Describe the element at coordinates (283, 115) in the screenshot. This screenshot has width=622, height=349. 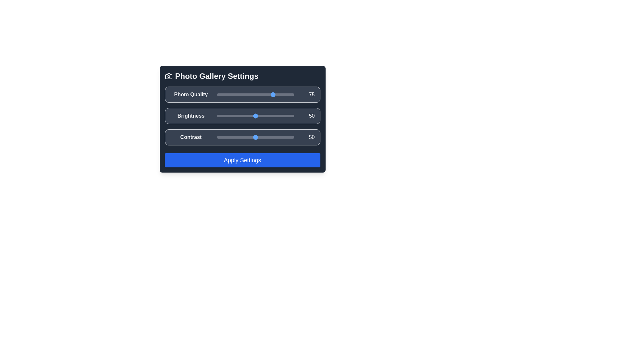
I see `brightness` at that location.